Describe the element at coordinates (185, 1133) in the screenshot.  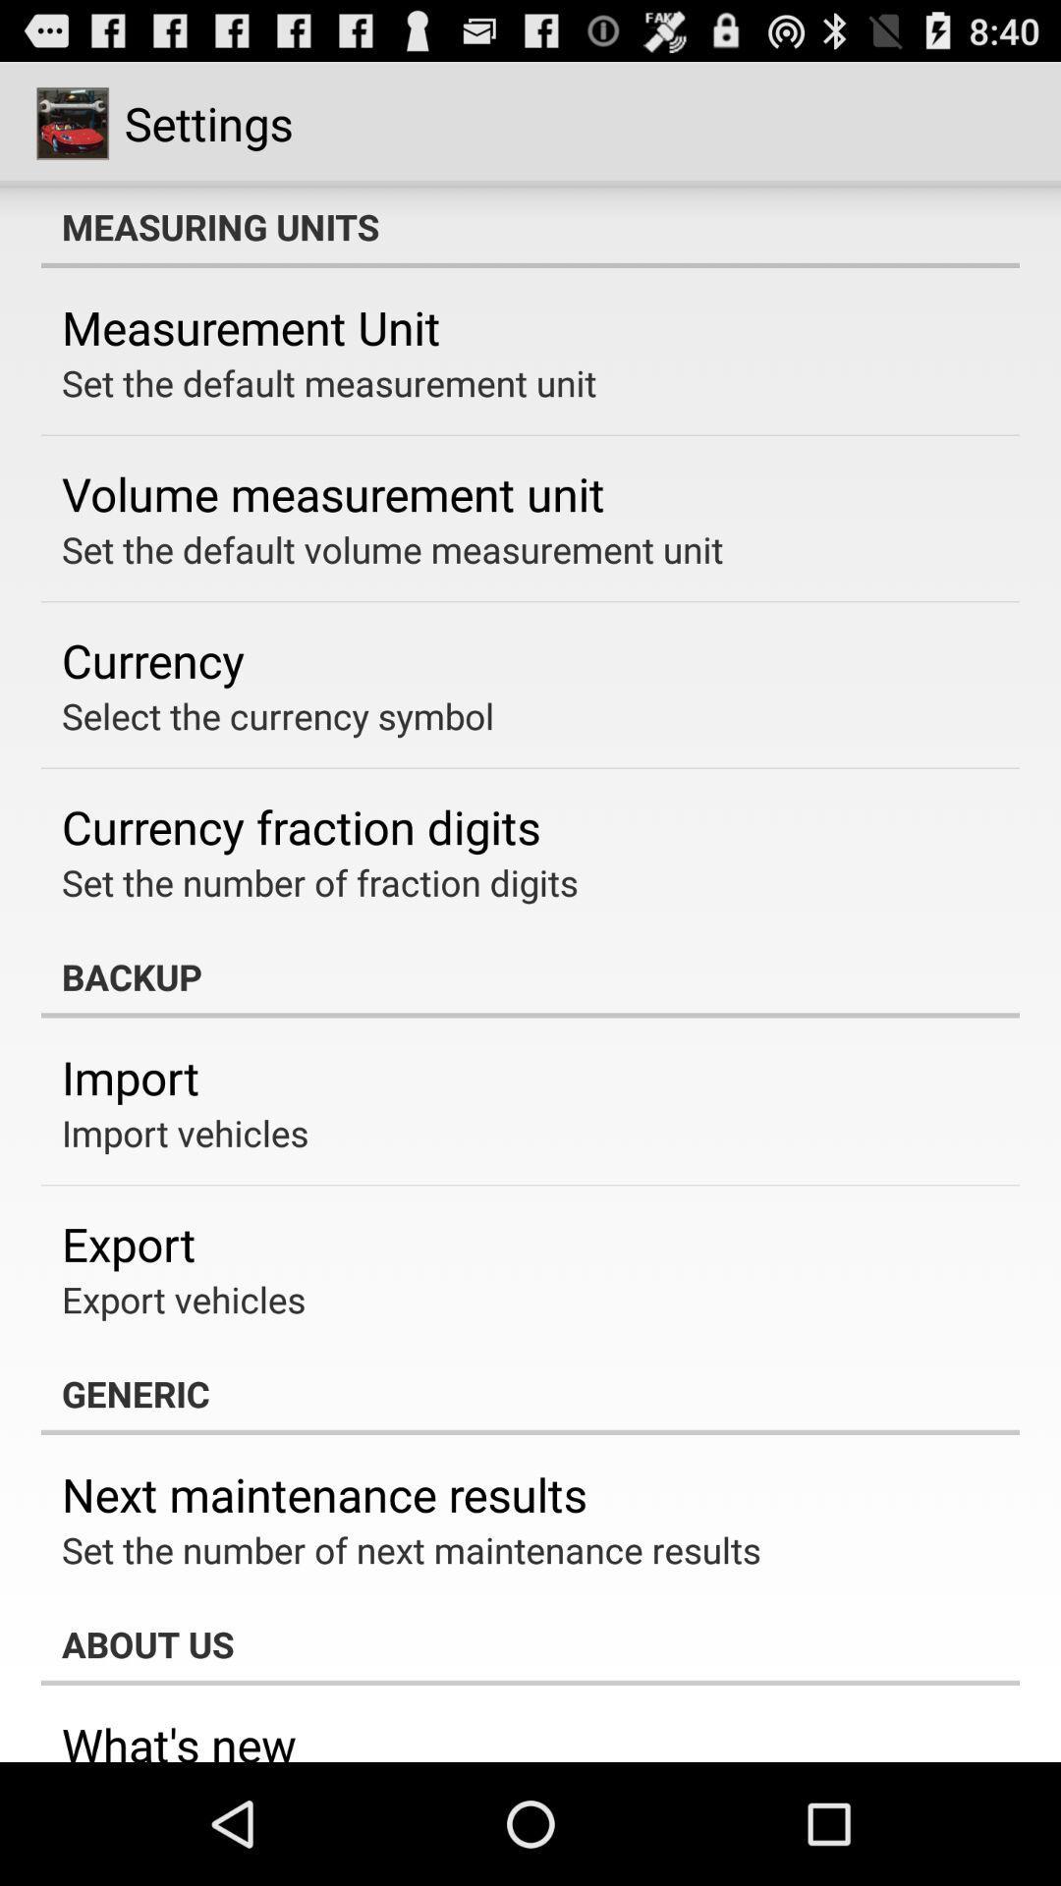
I see `app below import app` at that location.